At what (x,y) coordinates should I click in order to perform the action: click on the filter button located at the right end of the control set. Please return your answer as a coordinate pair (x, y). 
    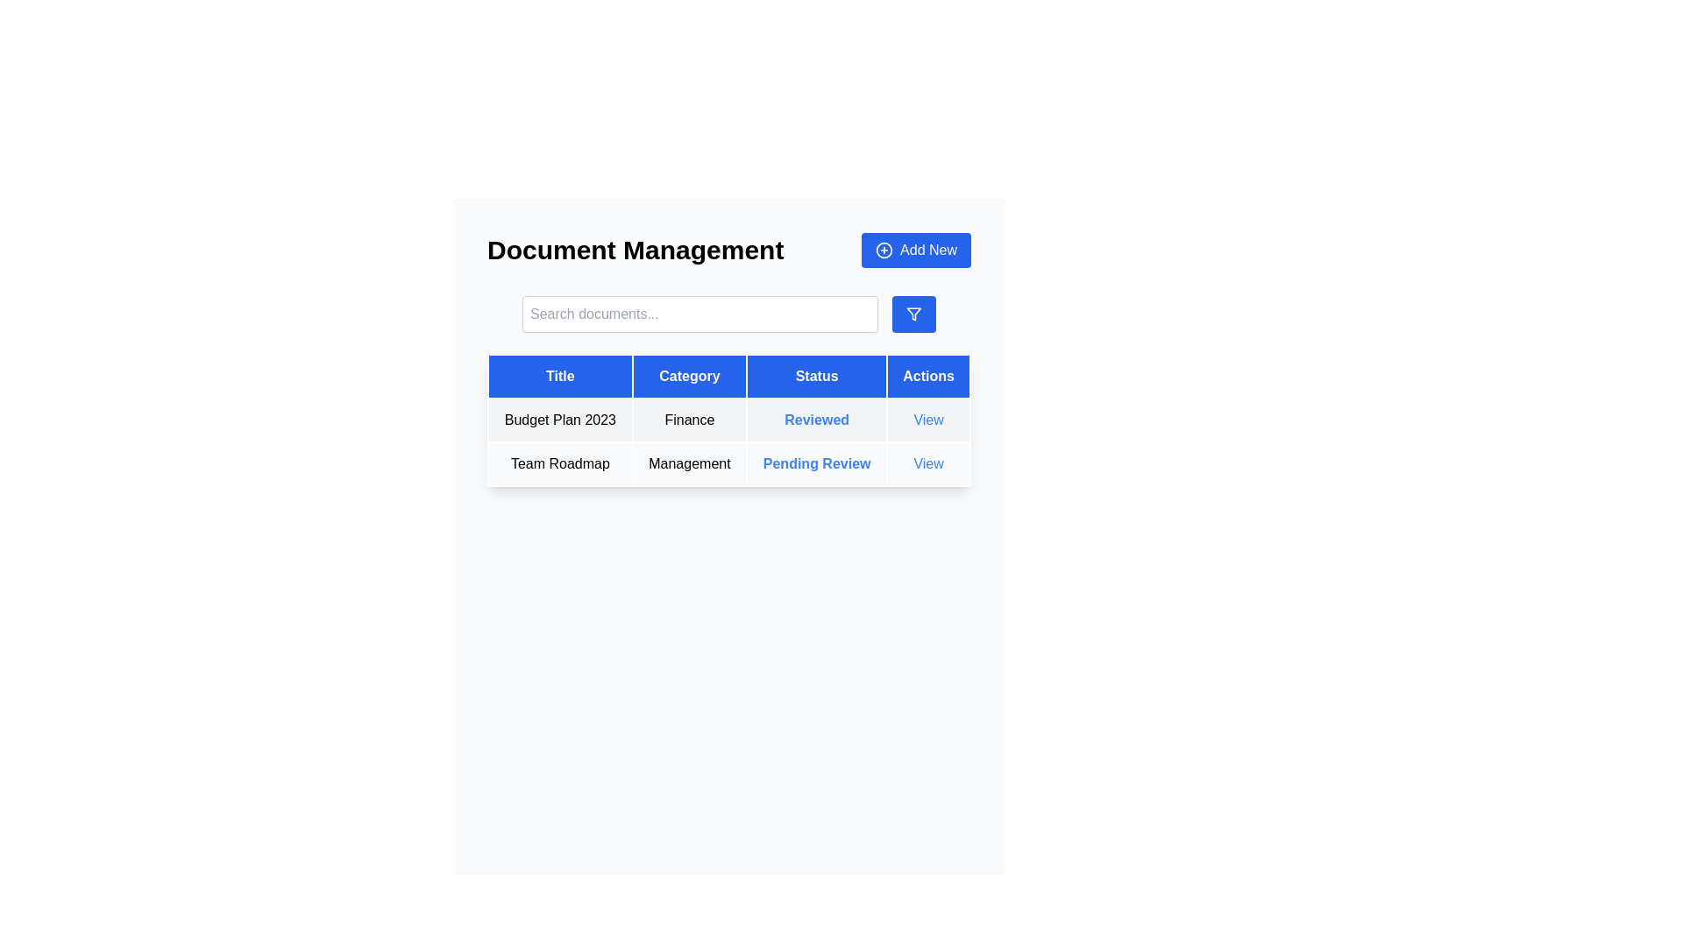
    Looking at the image, I should click on (913, 313).